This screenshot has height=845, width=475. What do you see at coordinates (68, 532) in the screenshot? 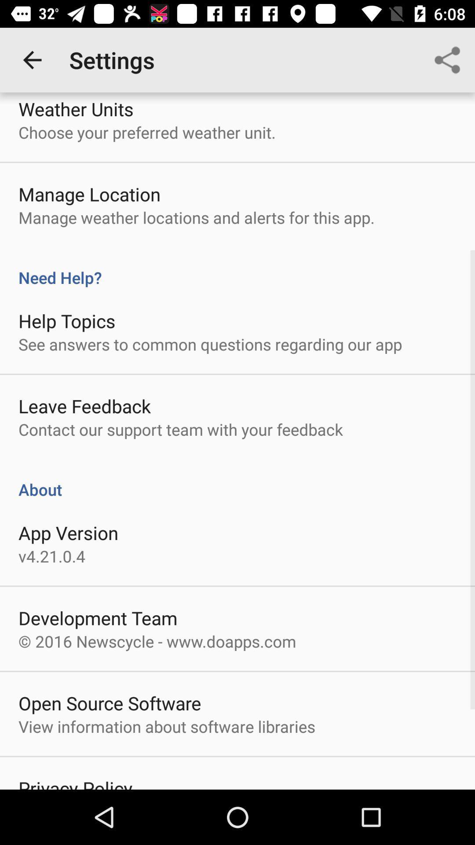
I see `icon below about item` at bounding box center [68, 532].